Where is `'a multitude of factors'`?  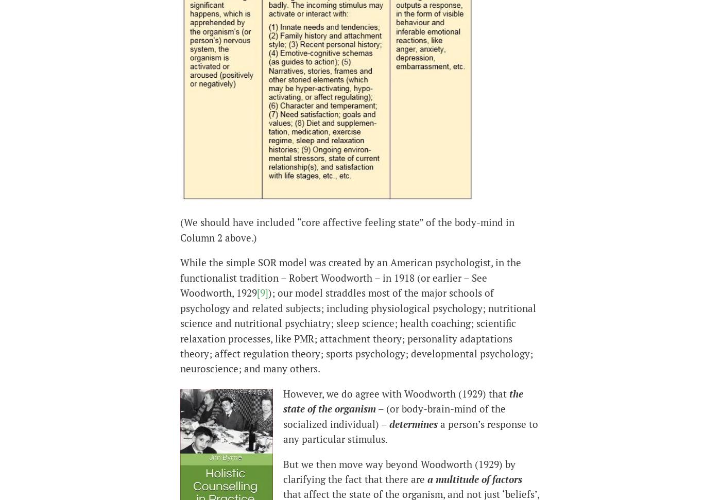
'a multitude of factors' is located at coordinates (475, 478).